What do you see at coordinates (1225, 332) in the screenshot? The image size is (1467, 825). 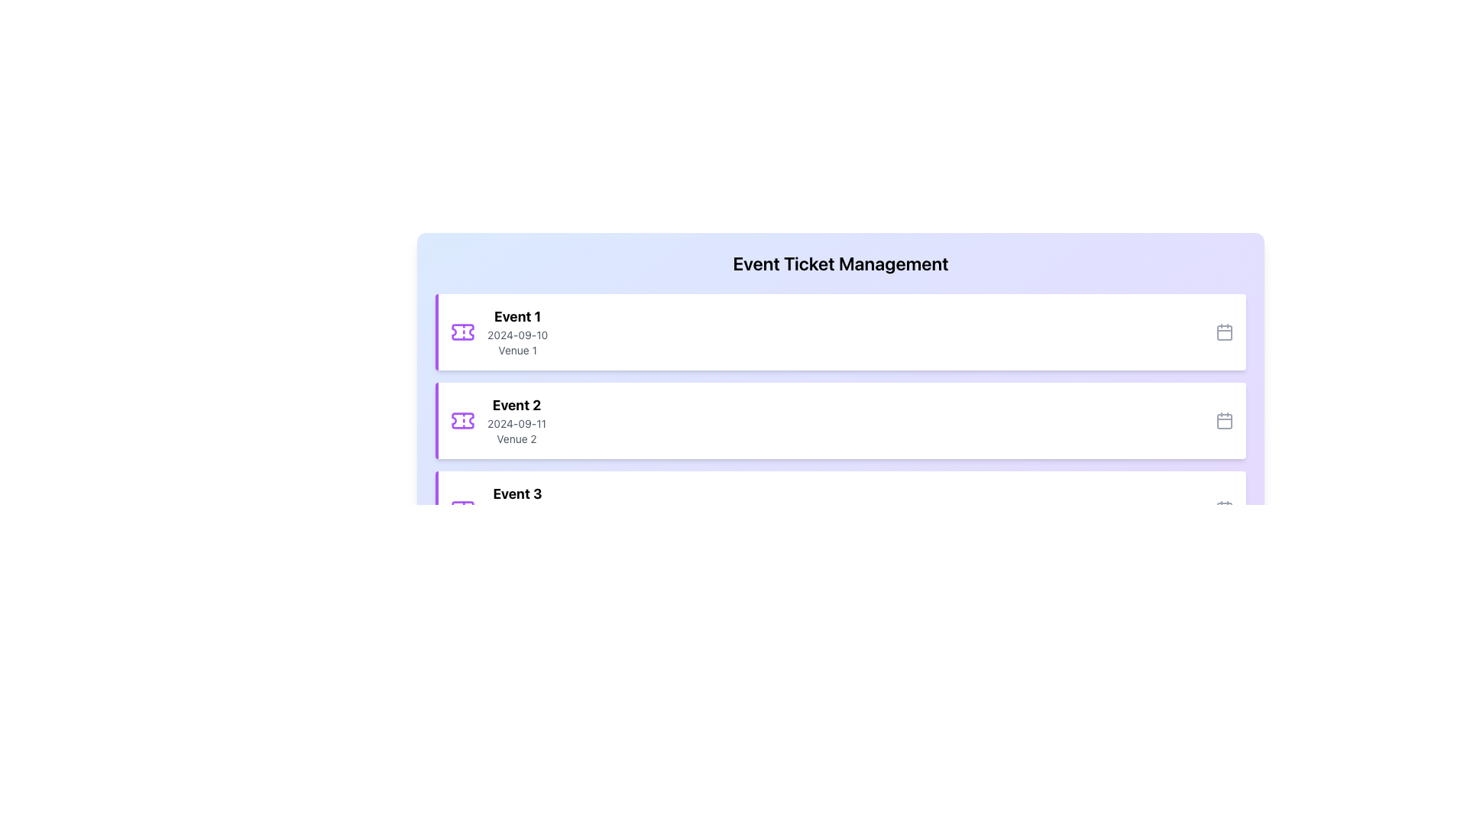 I see `the calendar icon located to the far right of the '2024-09-10' text in the event list` at bounding box center [1225, 332].